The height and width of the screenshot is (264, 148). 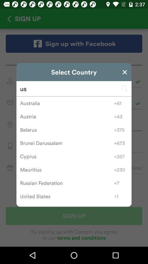 I want to click on exit from screen, so click(x=125, y=72).